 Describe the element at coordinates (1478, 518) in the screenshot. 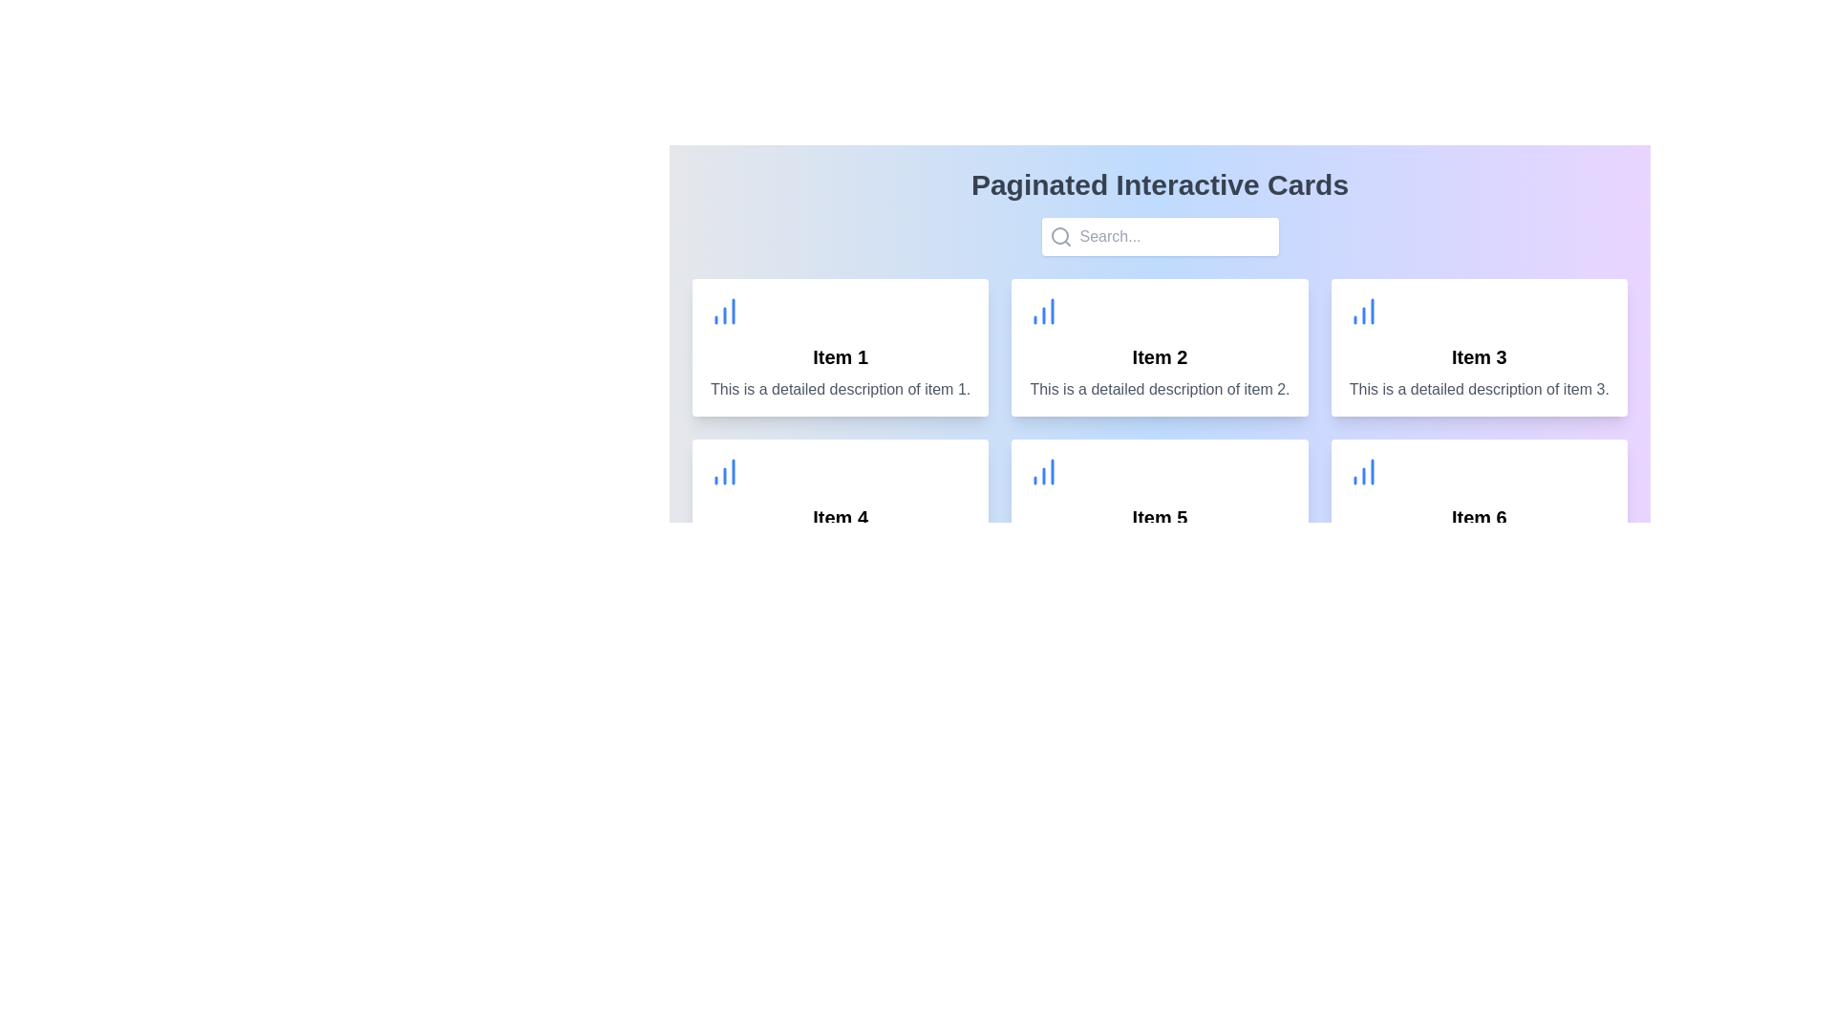

I see `text content of the bold label displaying 'Item 6' located in the lower-right card of the grid layout` at that location.